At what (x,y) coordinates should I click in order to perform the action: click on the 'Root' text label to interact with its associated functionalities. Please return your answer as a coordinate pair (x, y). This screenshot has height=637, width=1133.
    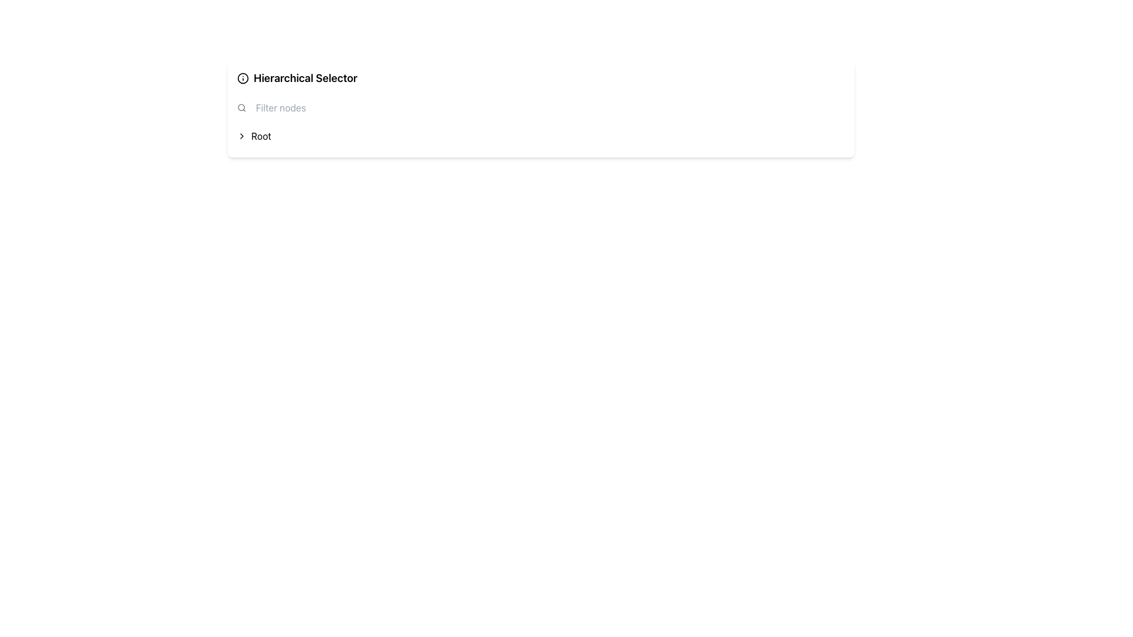
    Looking at the image, I should click on (260, 136).